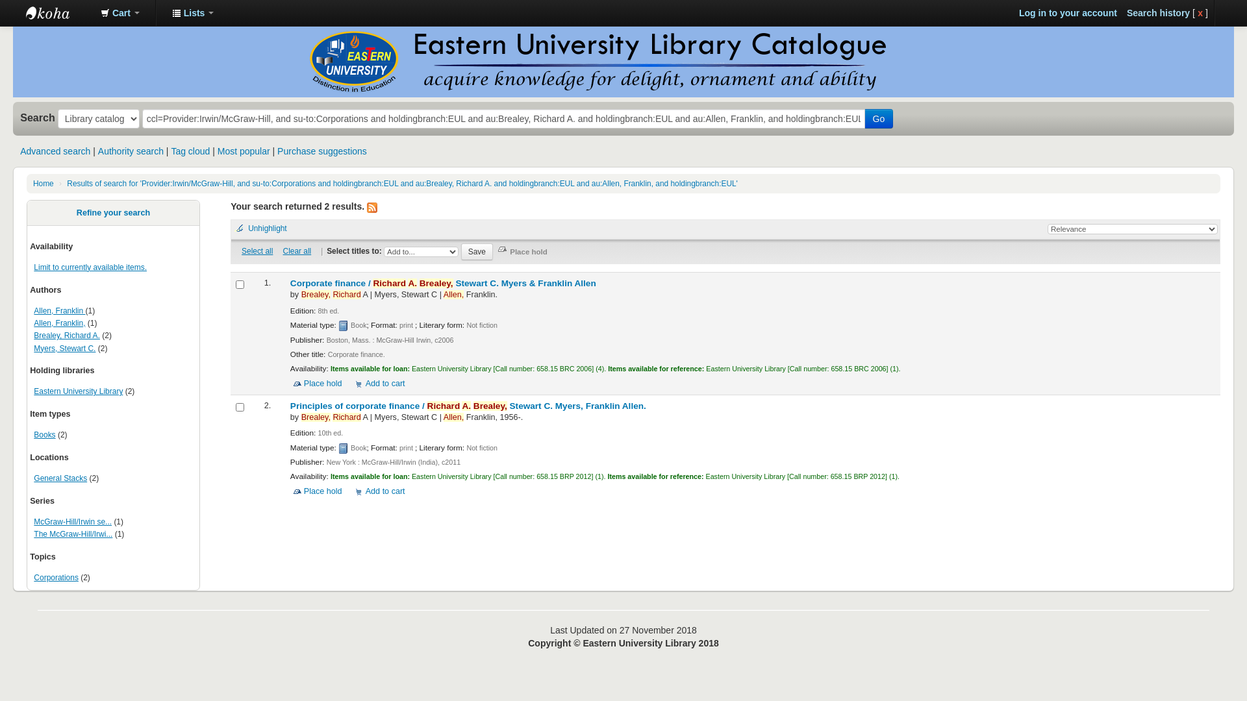  Describe the element at coordinates (879, 118) in the screenshot. I see `'Go'` at that location.